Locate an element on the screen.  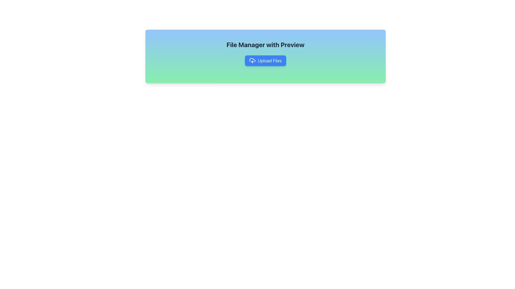
the bold and large-sized text reading 'File Manager with Preview' that is styled with a dark gray font and centered within a gradient background is located at coordinates (265, 44).